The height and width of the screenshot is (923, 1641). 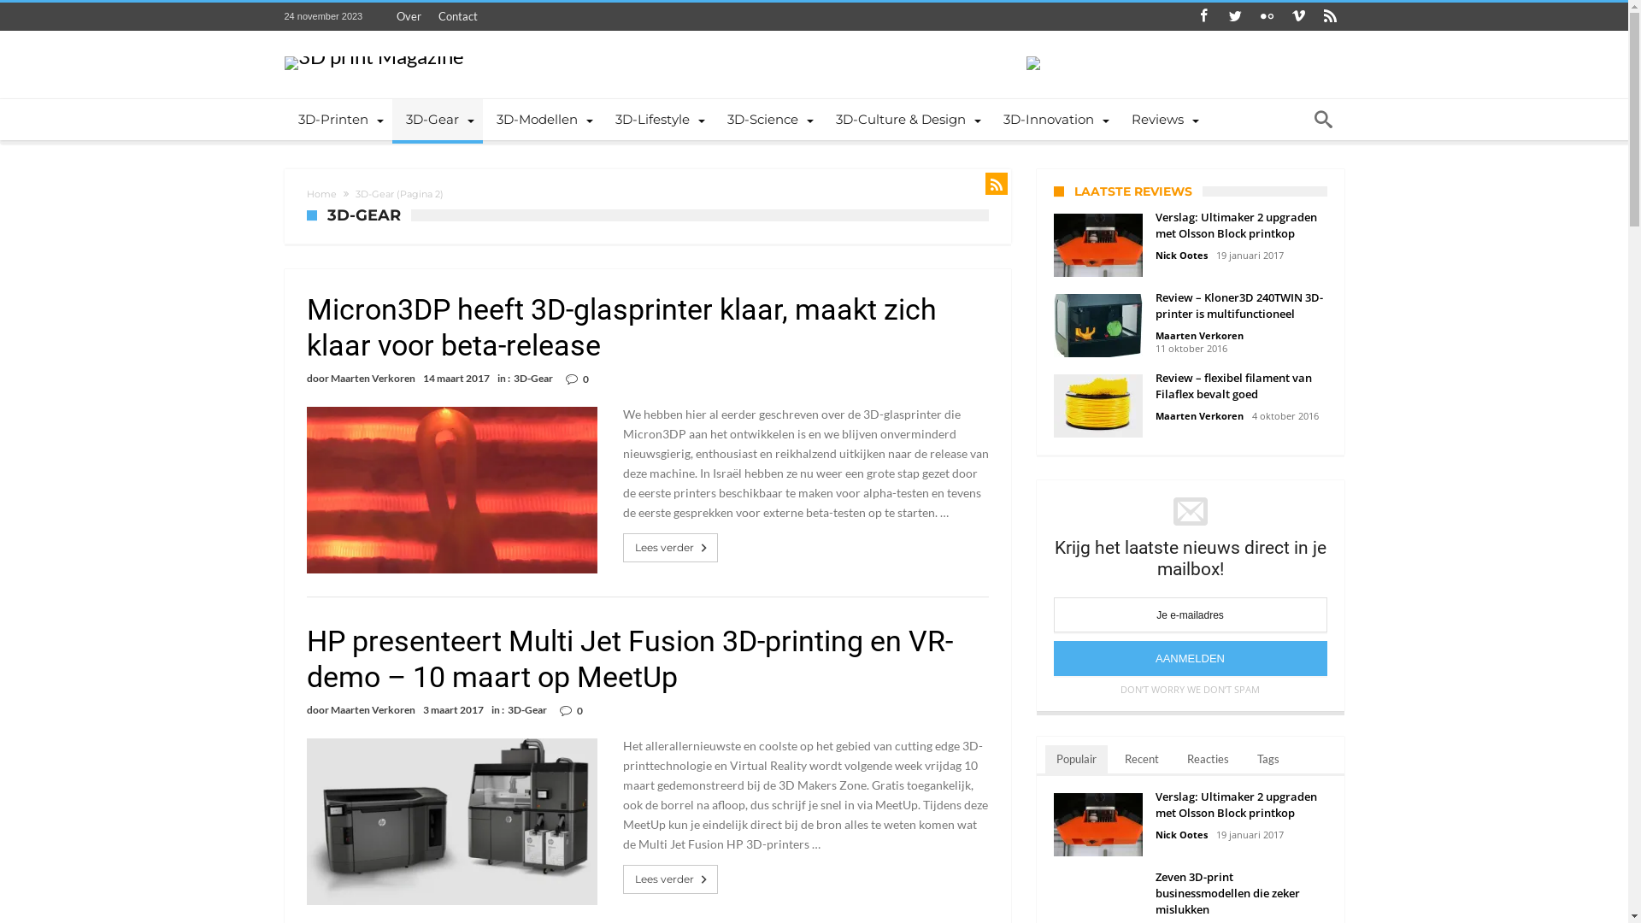 What do you see at coordinates (372, 55) in the screenshot?
I see `'3D print Magazine'` at bounding box center [372, 55].